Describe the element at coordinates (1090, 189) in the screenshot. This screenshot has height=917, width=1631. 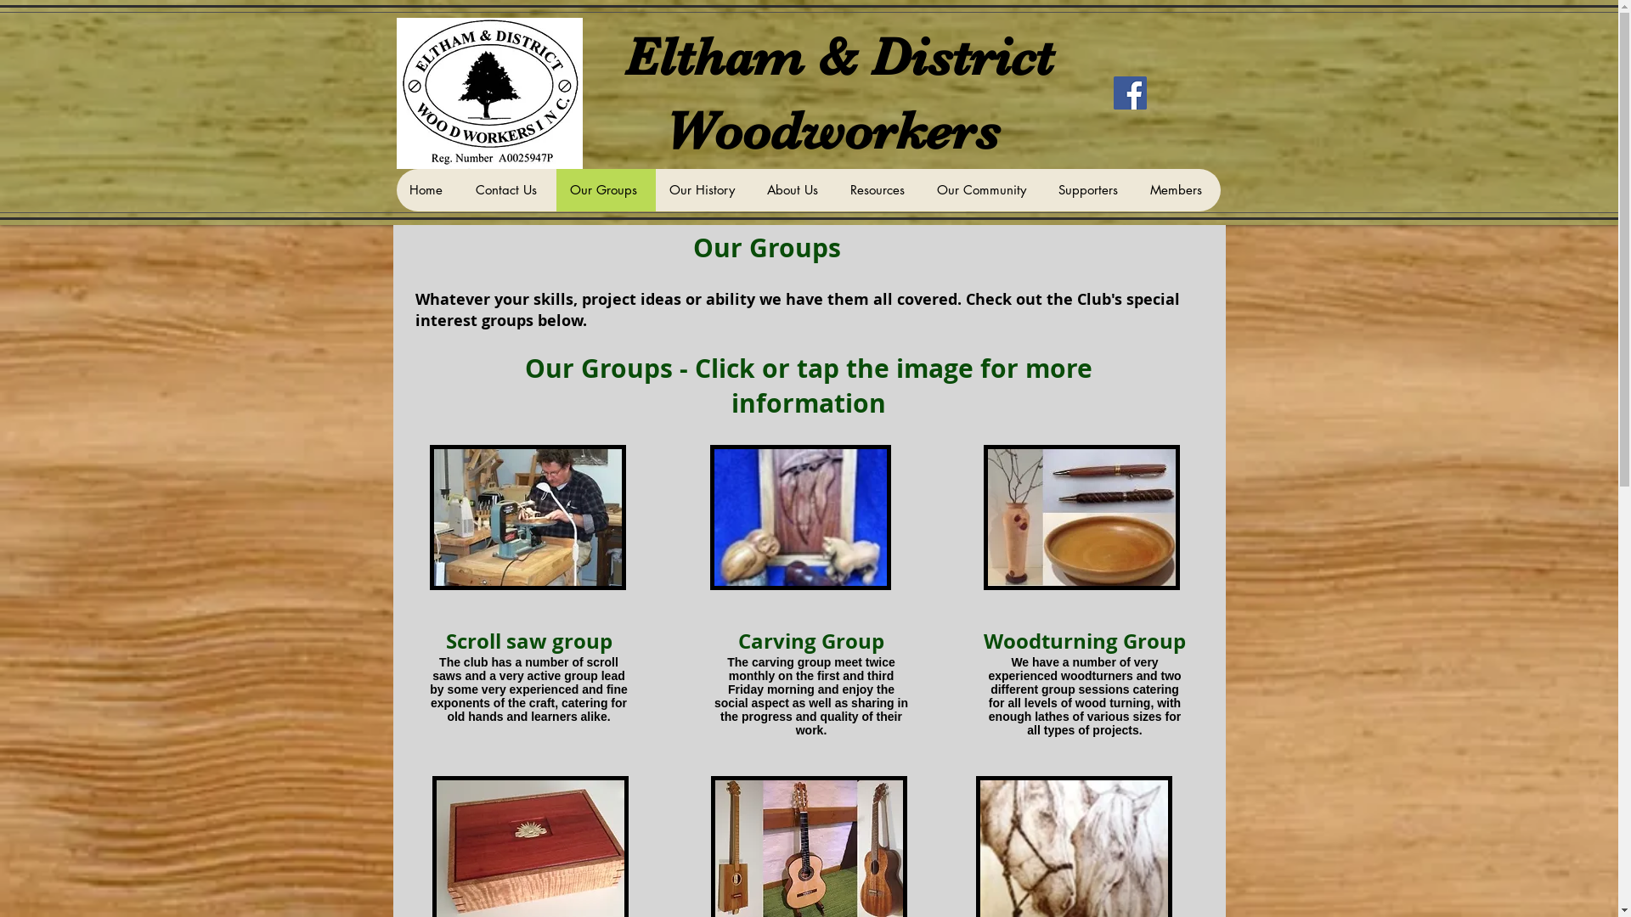
I see `'Supporters'` at that location.